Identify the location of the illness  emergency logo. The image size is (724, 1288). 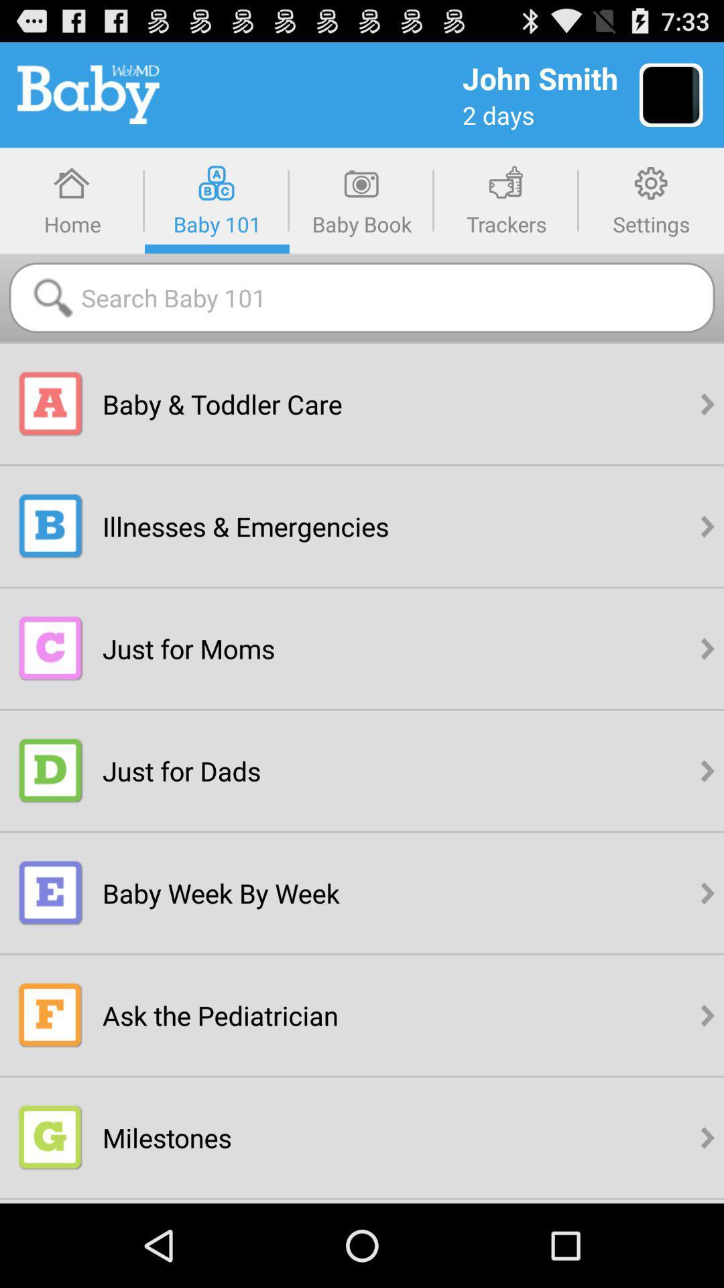
(50, 526).